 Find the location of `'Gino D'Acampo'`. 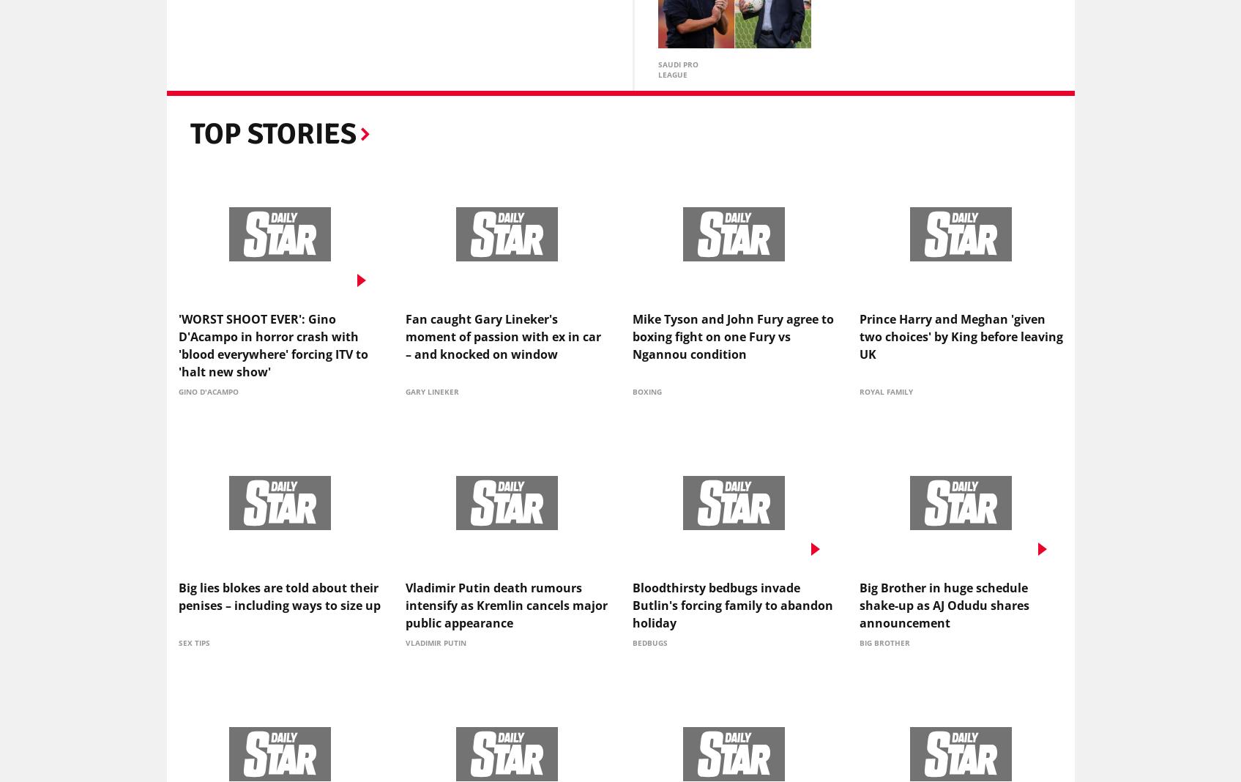

'Gino D'Acampo' is located at coordinates (208, 394).